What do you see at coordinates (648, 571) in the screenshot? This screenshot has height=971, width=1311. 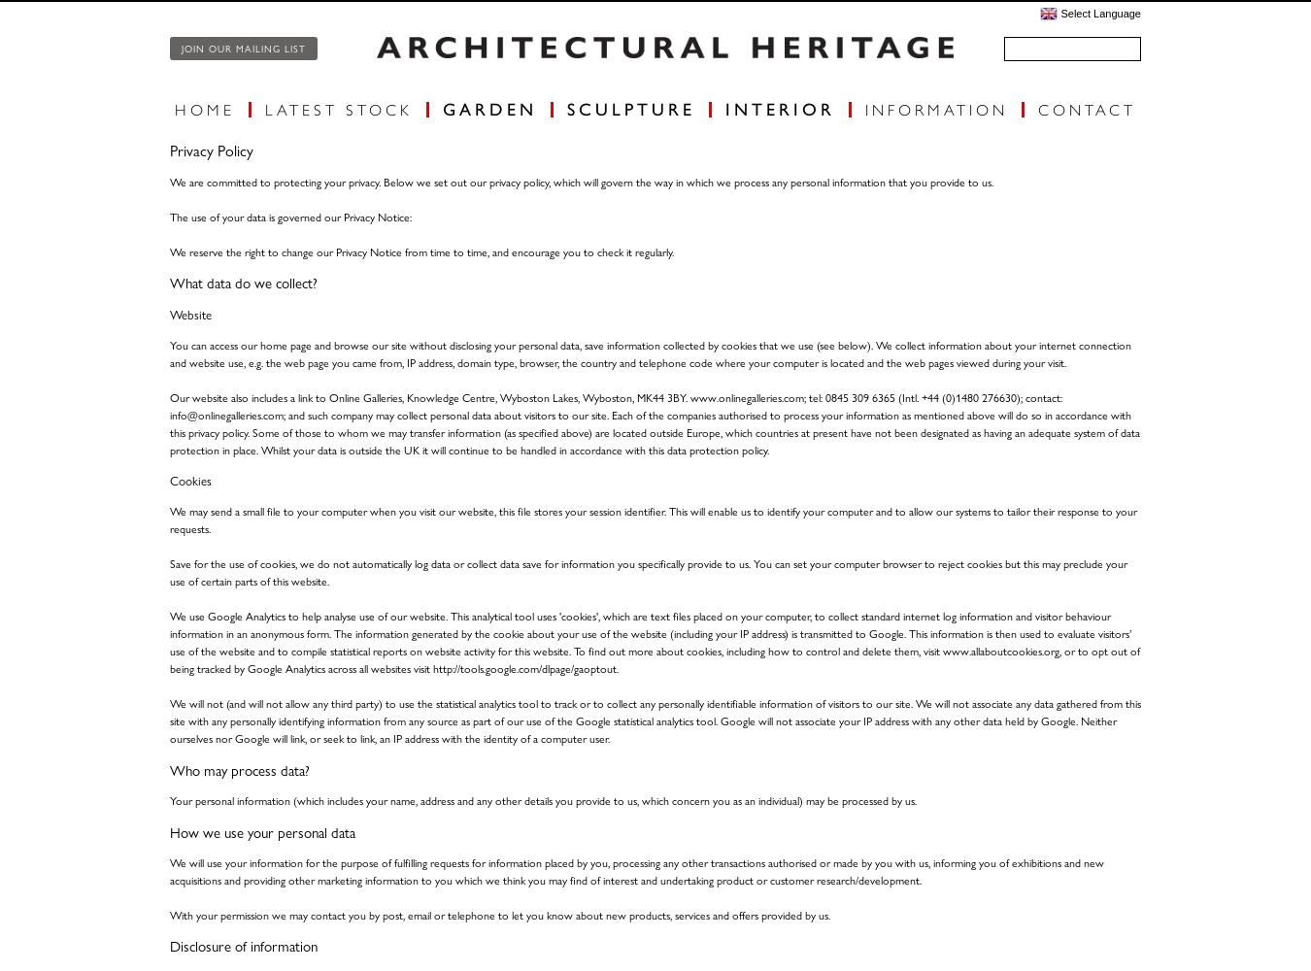 I see `'Save for the use of cookies, we do not automatically log data or collect data save for
information you specifically provide to us. You can set your computer browser to reject cookies
but this may preclude your use of certain parts of this website.'` at bounding box center [648, 571].